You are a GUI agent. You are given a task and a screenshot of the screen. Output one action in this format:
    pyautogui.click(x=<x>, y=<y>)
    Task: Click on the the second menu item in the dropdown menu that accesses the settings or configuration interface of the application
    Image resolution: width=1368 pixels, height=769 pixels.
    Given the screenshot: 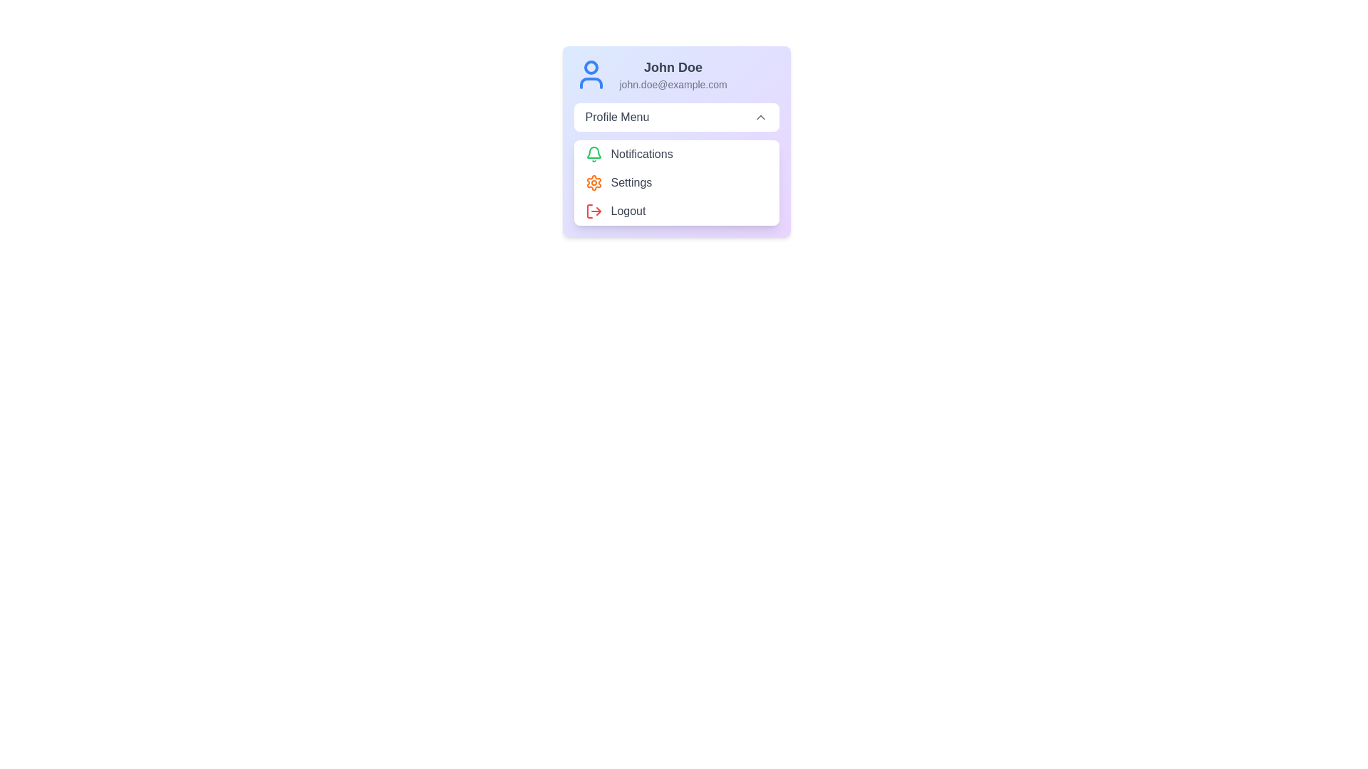 What is the action you would take?
    pyautogui.click(x=675, y=182)
    